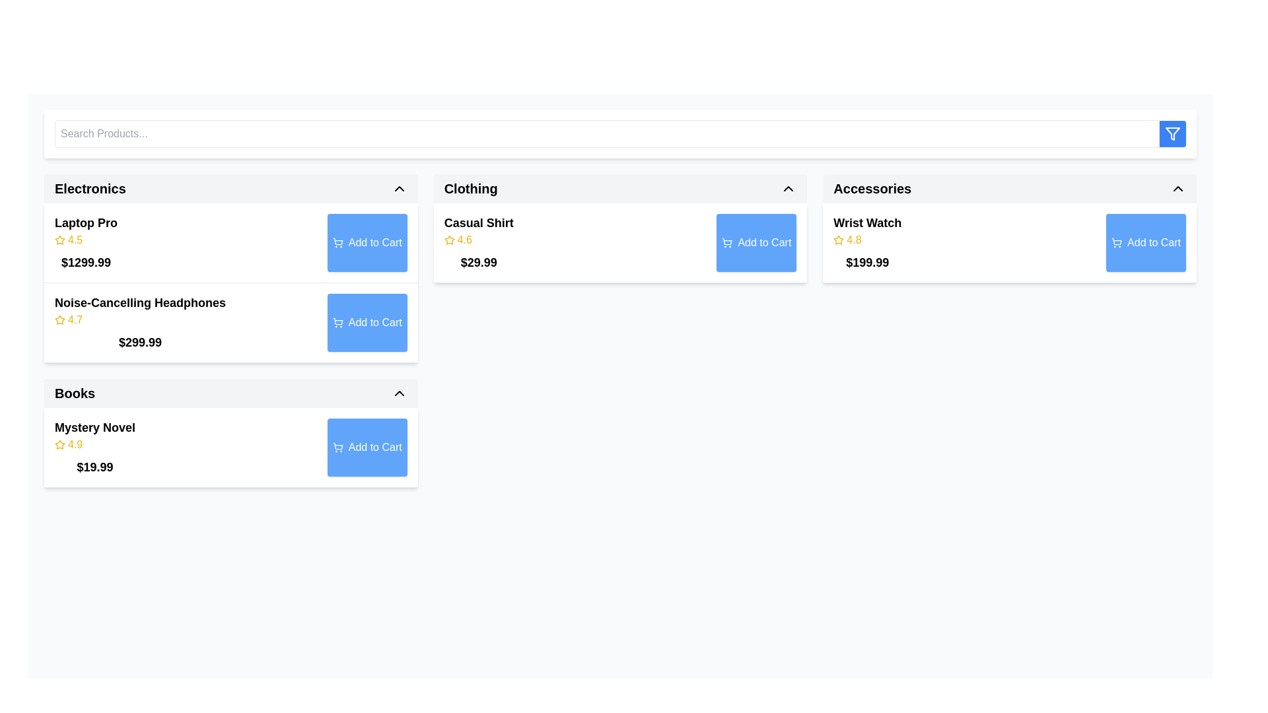  What do you see at coordinates (1153, 242) in the screenshot?
I see `the button that contains the Text label for adding the Wrist Watch product from the Accessories category` at bounding box center [1153, 242].